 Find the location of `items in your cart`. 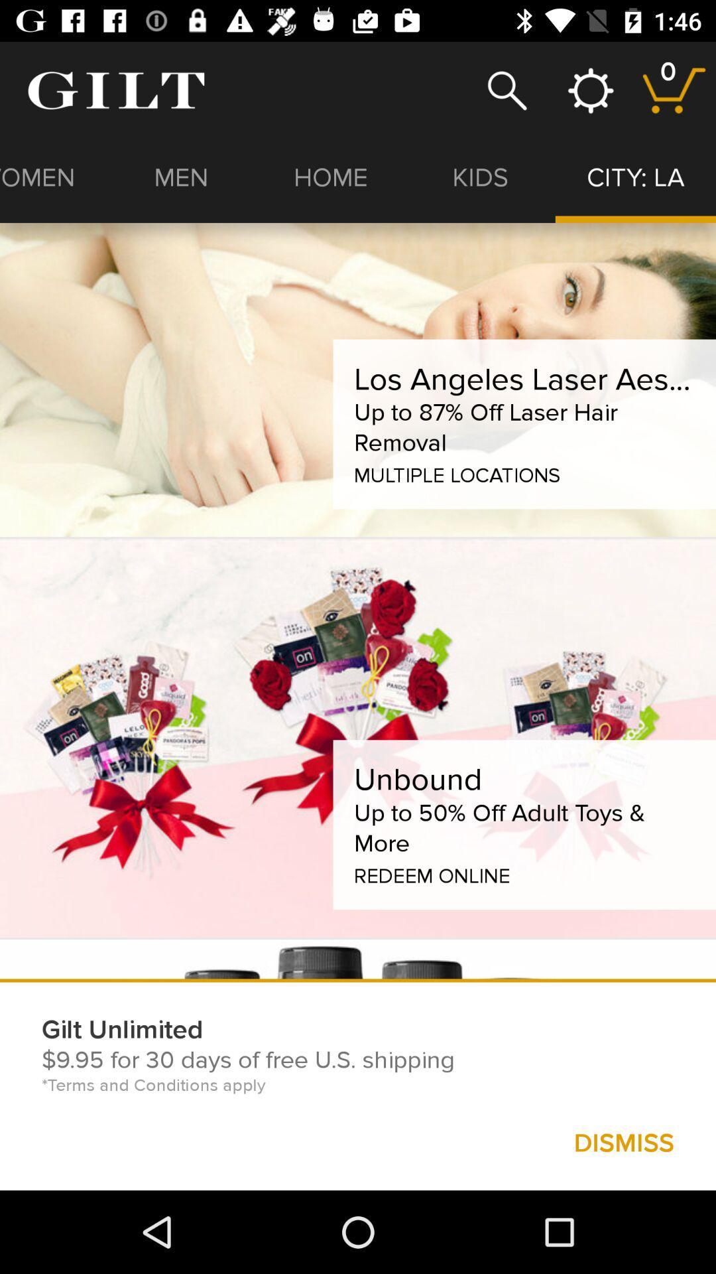

items in your cart is located at coordinates (674, 90).